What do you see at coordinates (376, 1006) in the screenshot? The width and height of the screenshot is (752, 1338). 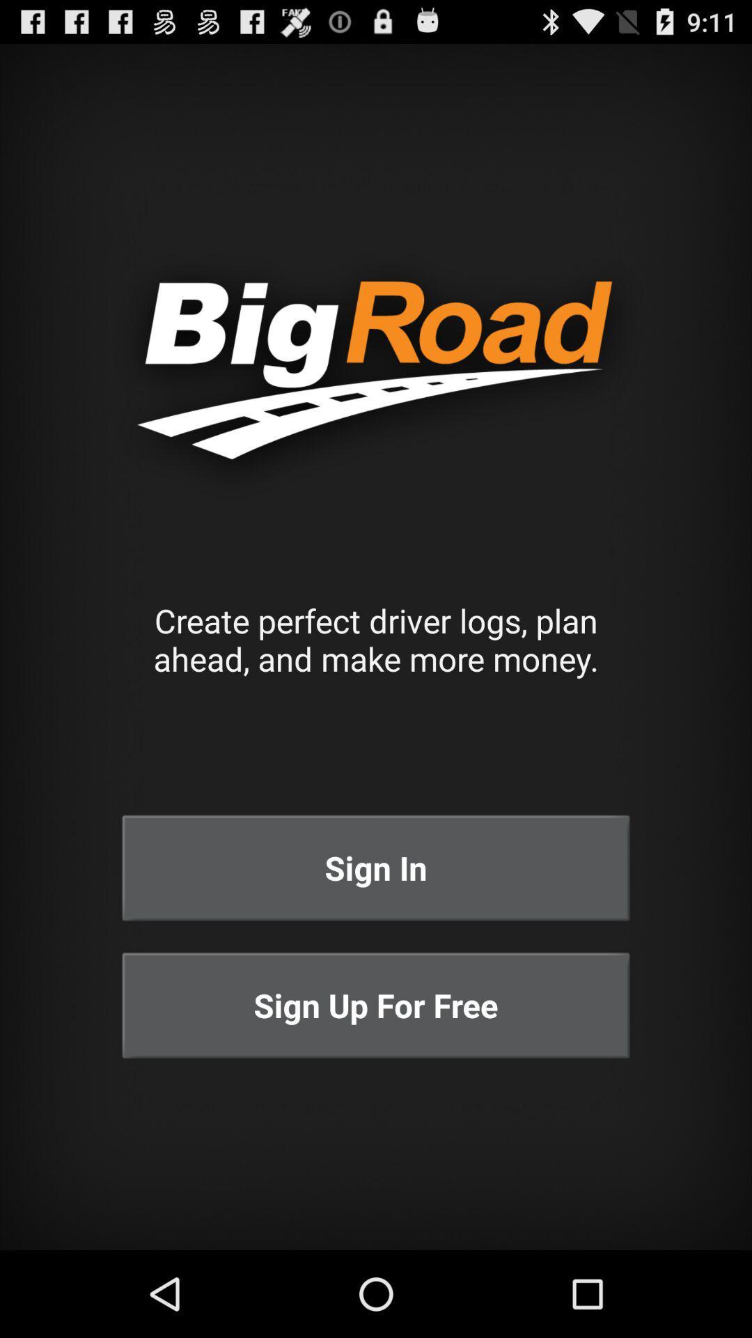 I see `the sign up for at the bottom` at bounding box center [376, 1006].